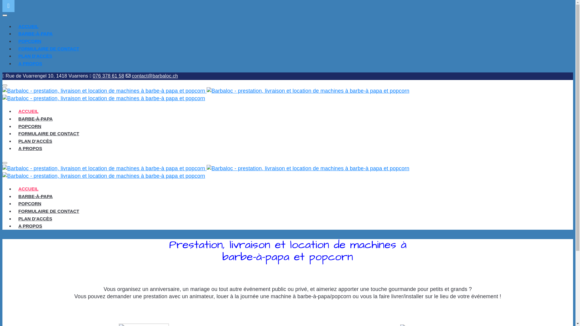  What do you see at coordinates (14, 226) in the screenshot?
I see `'A PROPOS'` at bounding box center [14, 226].